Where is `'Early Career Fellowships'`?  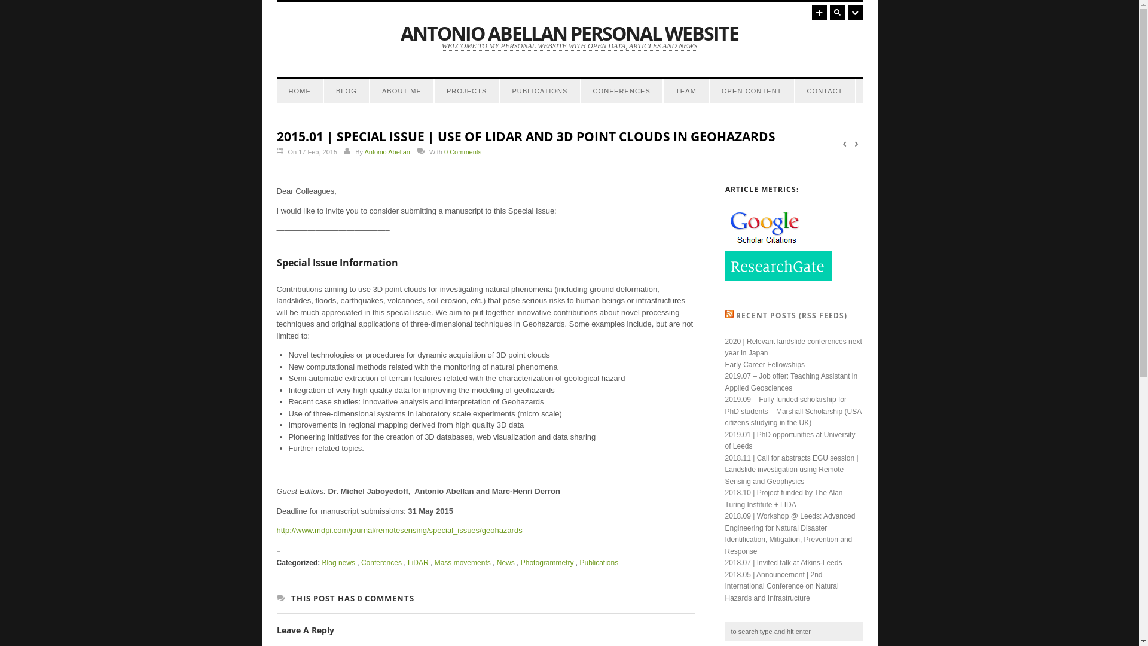
'Early Career Fellowships' is located at coordinates (764, 364).